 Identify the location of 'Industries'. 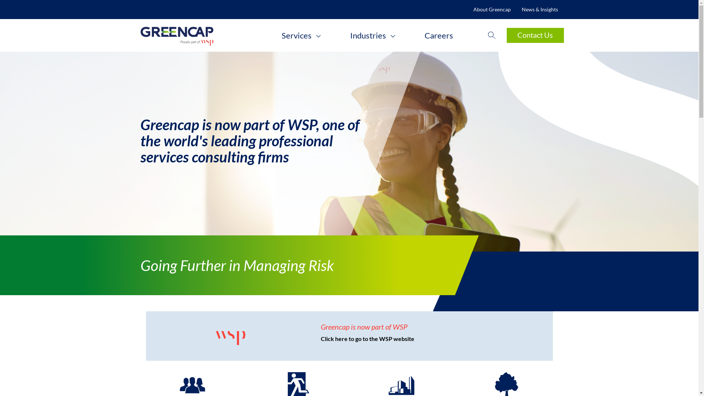
(373, 35).